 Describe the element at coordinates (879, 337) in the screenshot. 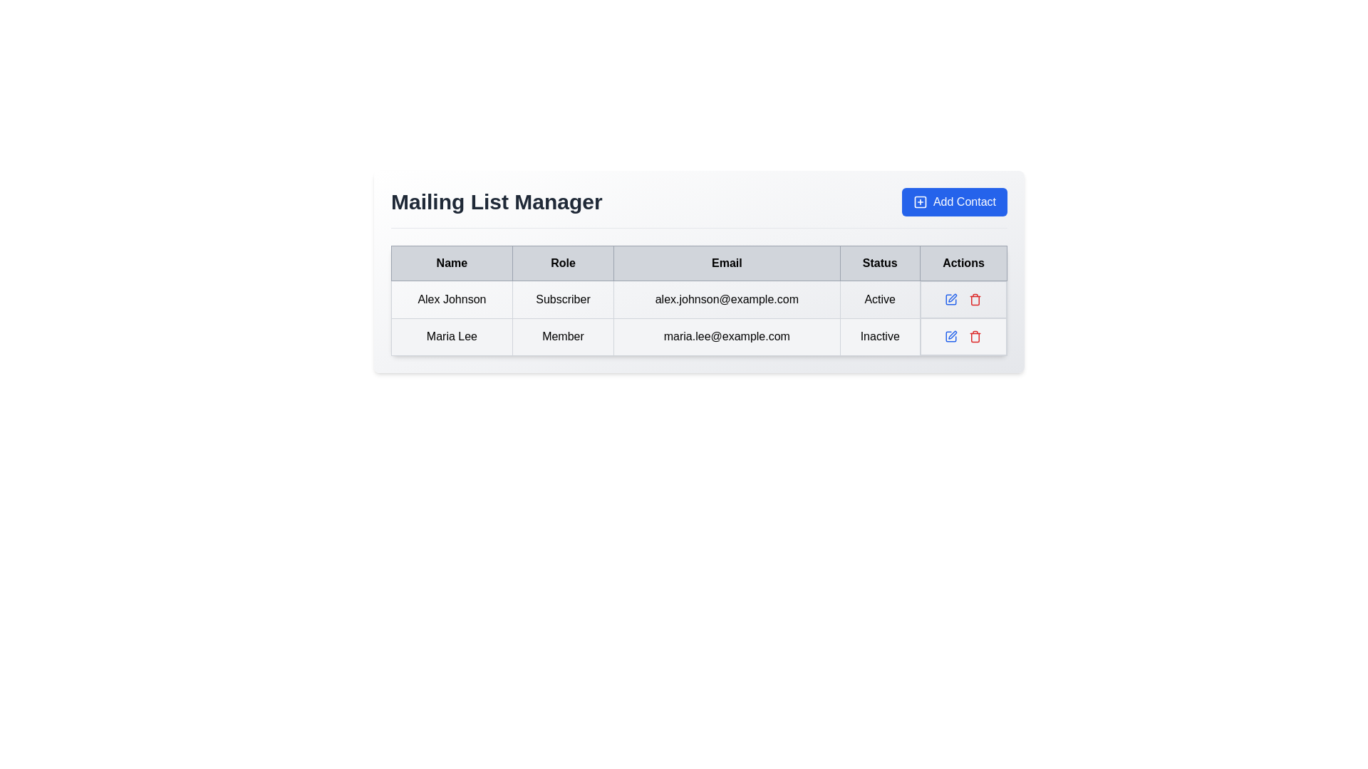

I see `text 'Inactive' displayed in the static text field located in the fourth column of the row for 'Maria Lee' in the Mailing List Manager table` at that location.